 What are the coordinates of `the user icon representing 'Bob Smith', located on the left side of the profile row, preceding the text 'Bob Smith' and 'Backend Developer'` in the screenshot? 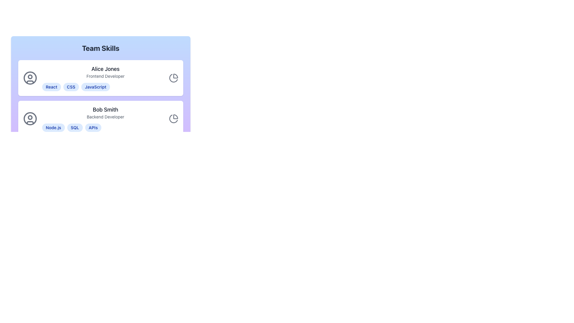 It's located at (30, 119).